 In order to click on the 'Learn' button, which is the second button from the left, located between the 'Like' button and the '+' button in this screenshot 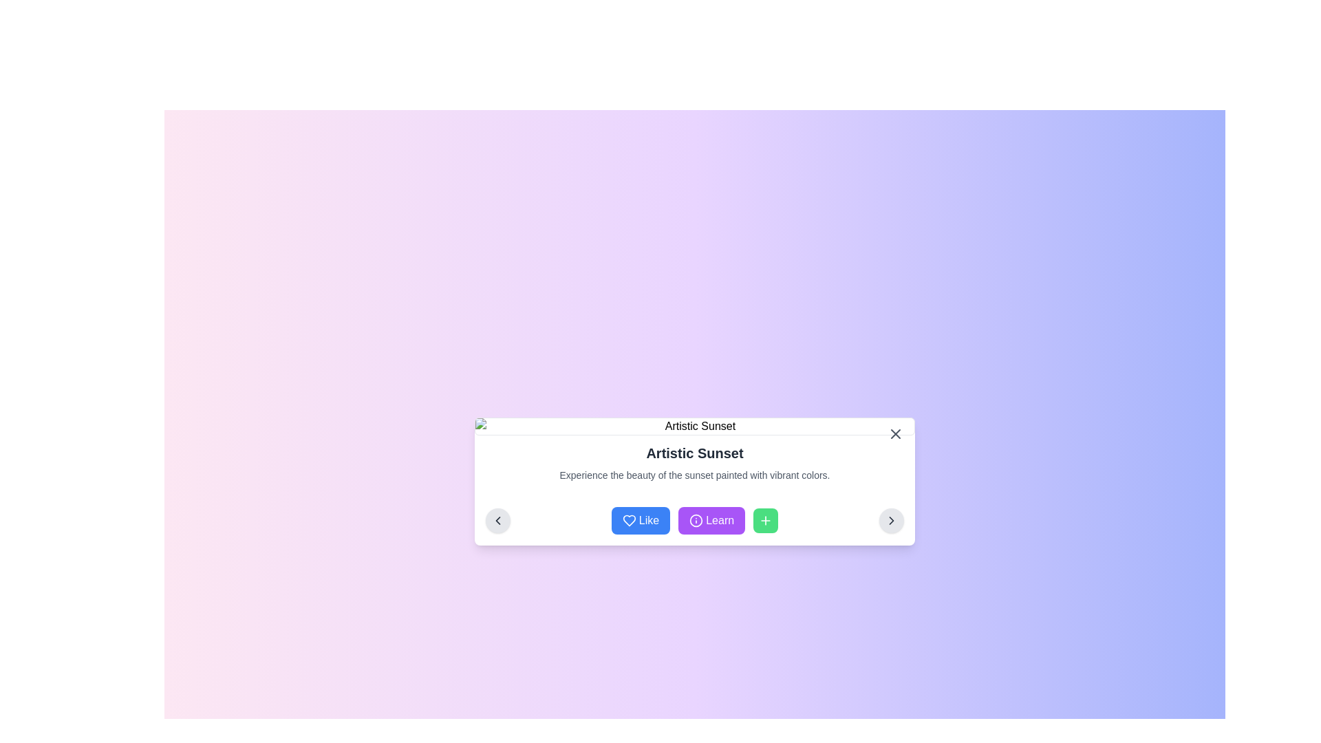, I will do `click(694, 520)`.